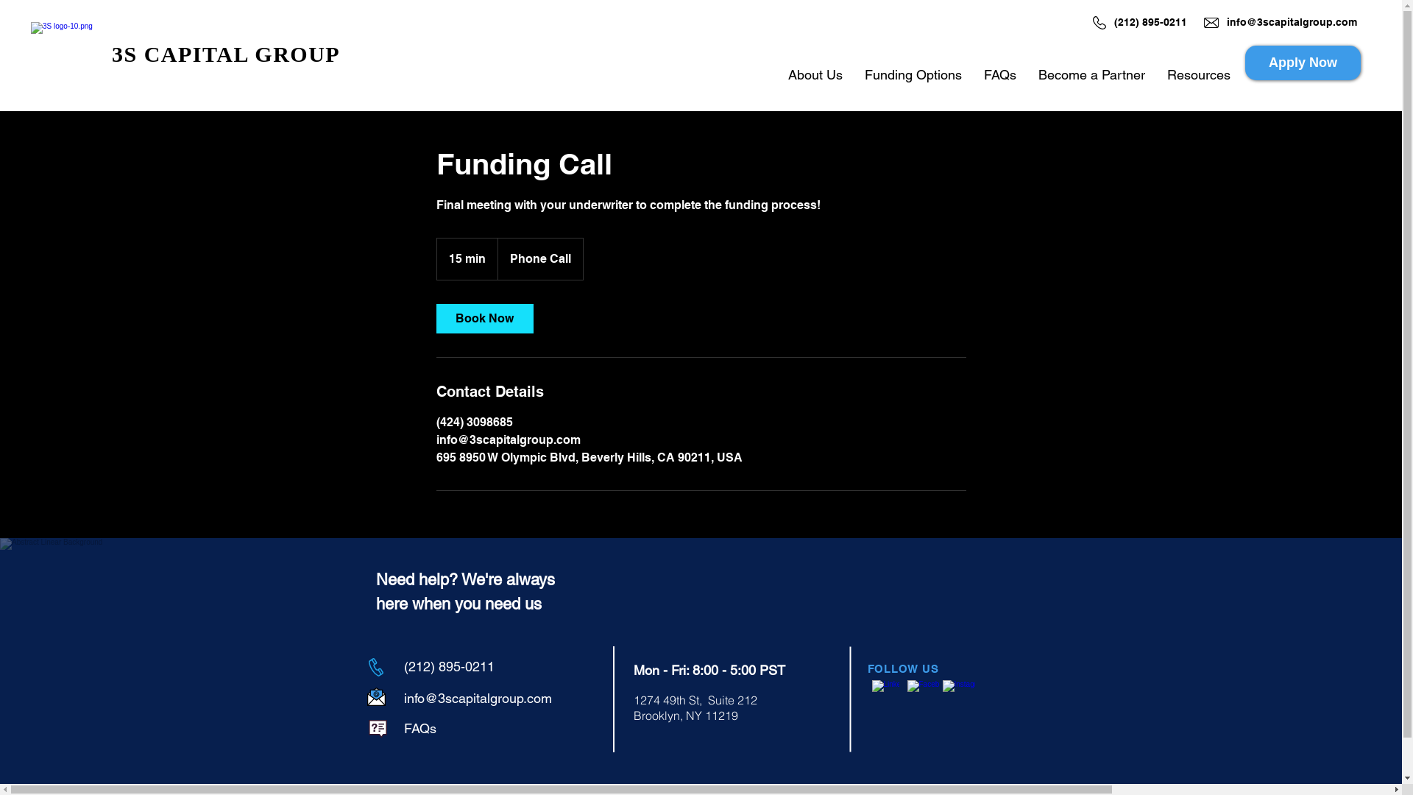 This screenshot has width=1413, height=795. Describe the element at coordinates (225, 53) in the screenshot. I see `'3S CAPITAL GROUP'` at that location.